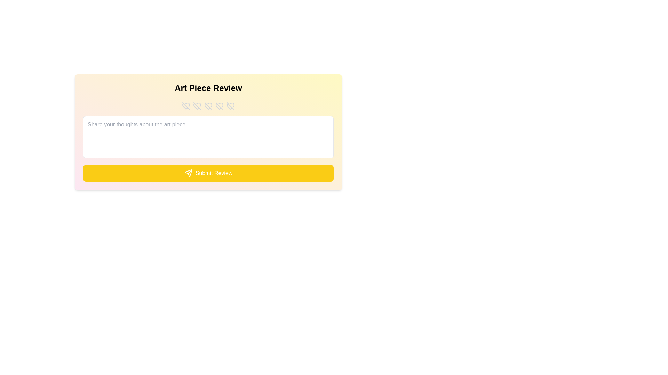 The width and height of the screenshot is (668, 375). Describe the element at coordinates (186, 106) in the screenshot. I see `the rating to 1 stars by clicking on the respective star button` at that location.